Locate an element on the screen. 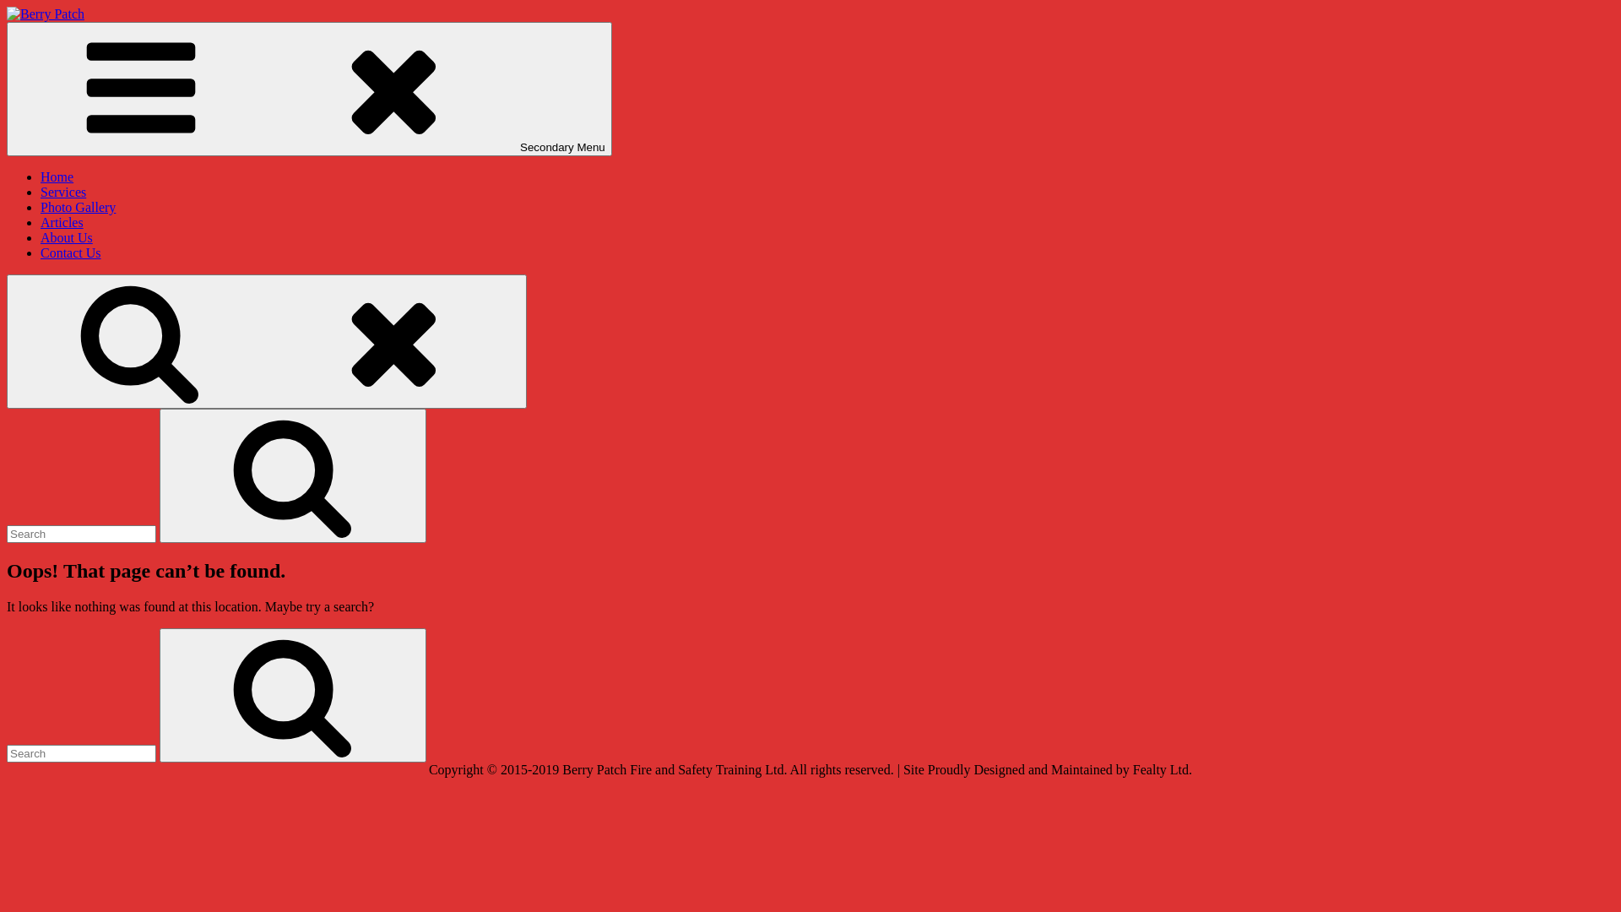  'Search' is located at coordinates (292, 695).